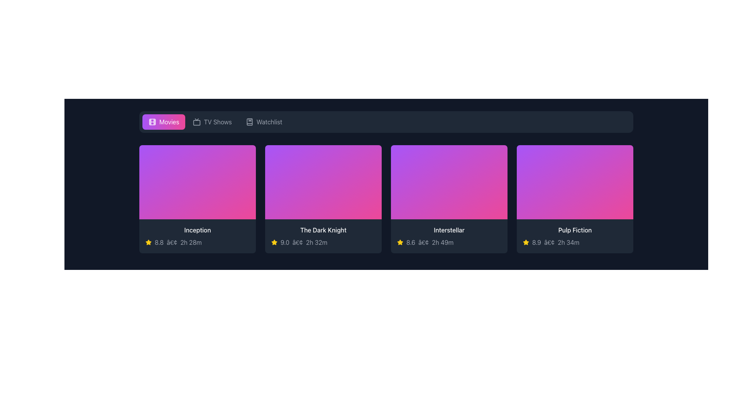 This screenshot has width=741, height=417. What do you see at coordinates (191, 242) in the screenshot?
I see `the static text displaying the movie duration for 'Inception', located in the bottom-left corner of the movie metadata card` at bounding box center [191, 242].